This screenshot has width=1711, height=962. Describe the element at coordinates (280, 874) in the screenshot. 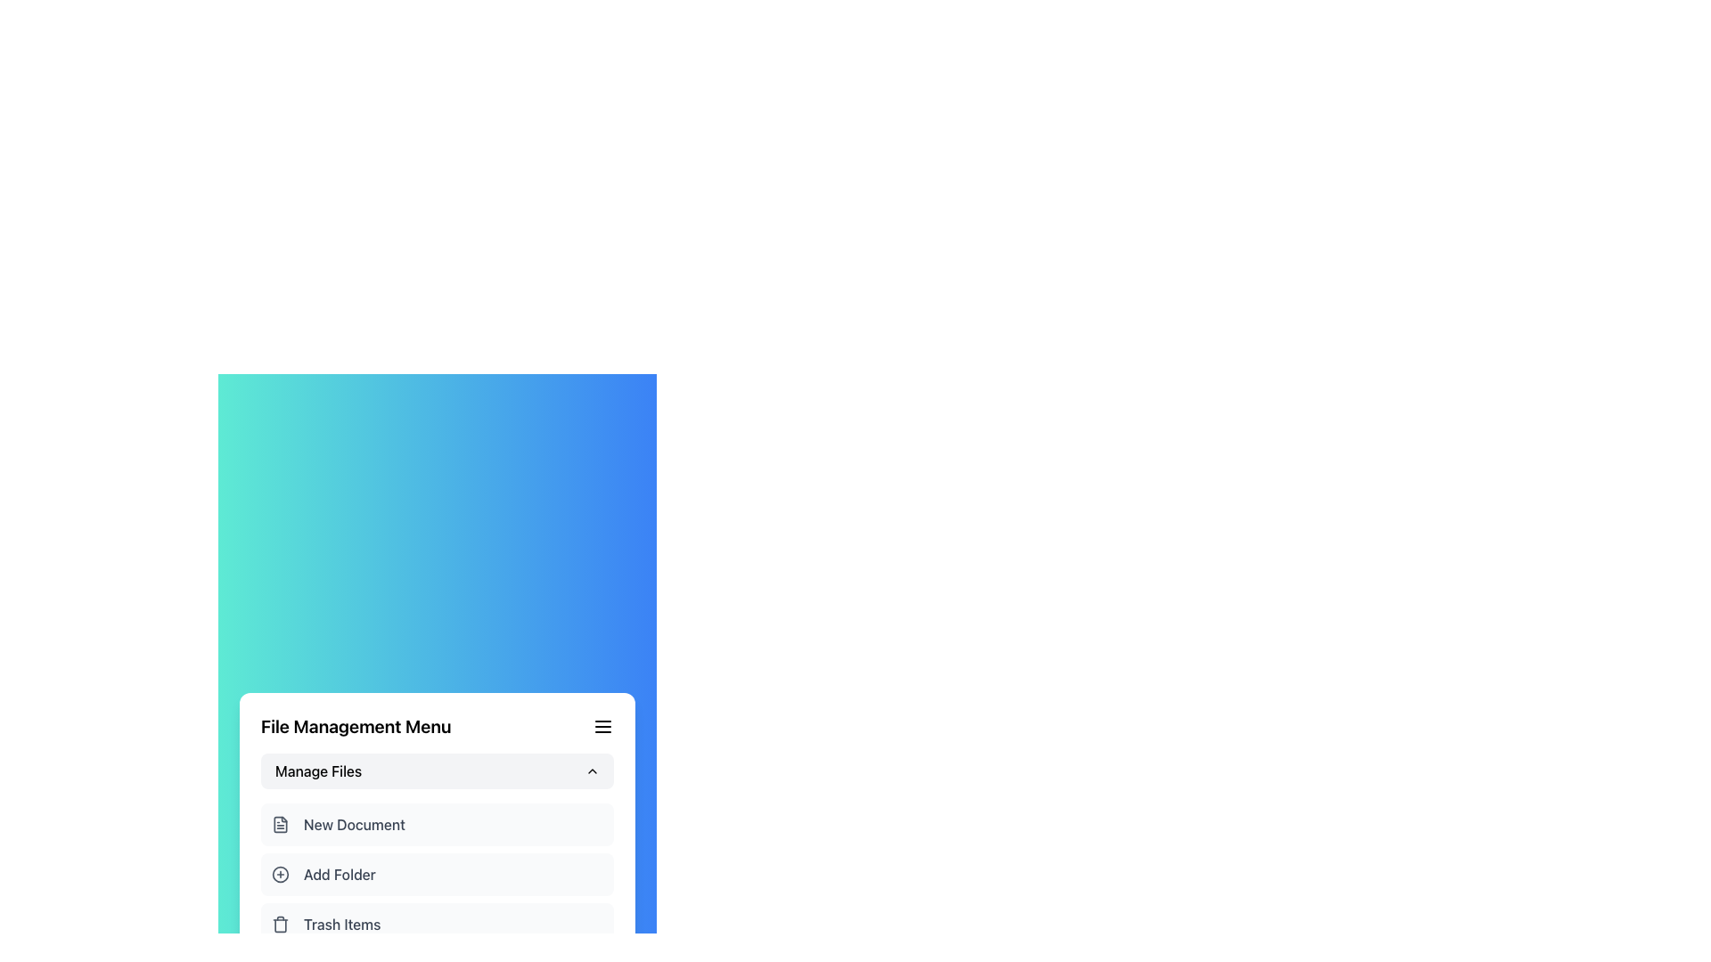

I see `the circular graphical component of the plus icon located adjacent to the 'Add Folder' label in the file management menu, which is the second option in the list of actions` at that location.